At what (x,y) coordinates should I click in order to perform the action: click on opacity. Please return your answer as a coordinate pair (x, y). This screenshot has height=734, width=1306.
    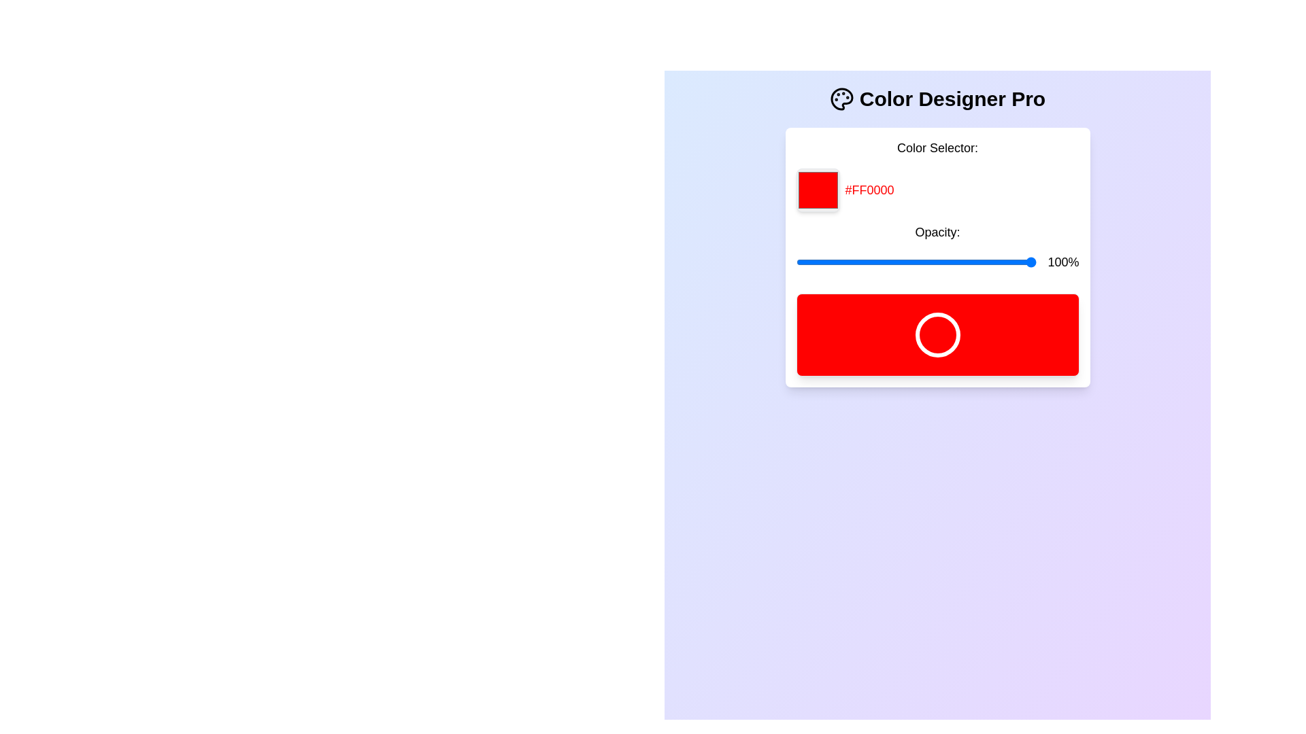
    Looking at the image, I should click on (888, 262).